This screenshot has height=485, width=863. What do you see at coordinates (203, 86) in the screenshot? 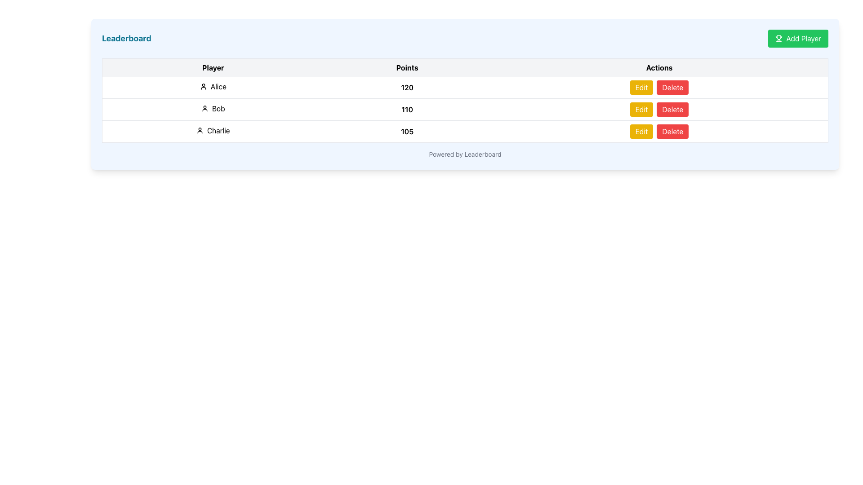
I see `the user silhouette icon located to the left of the text 'Alice' in the leaderboard interface` at bounding box center [203, 86].